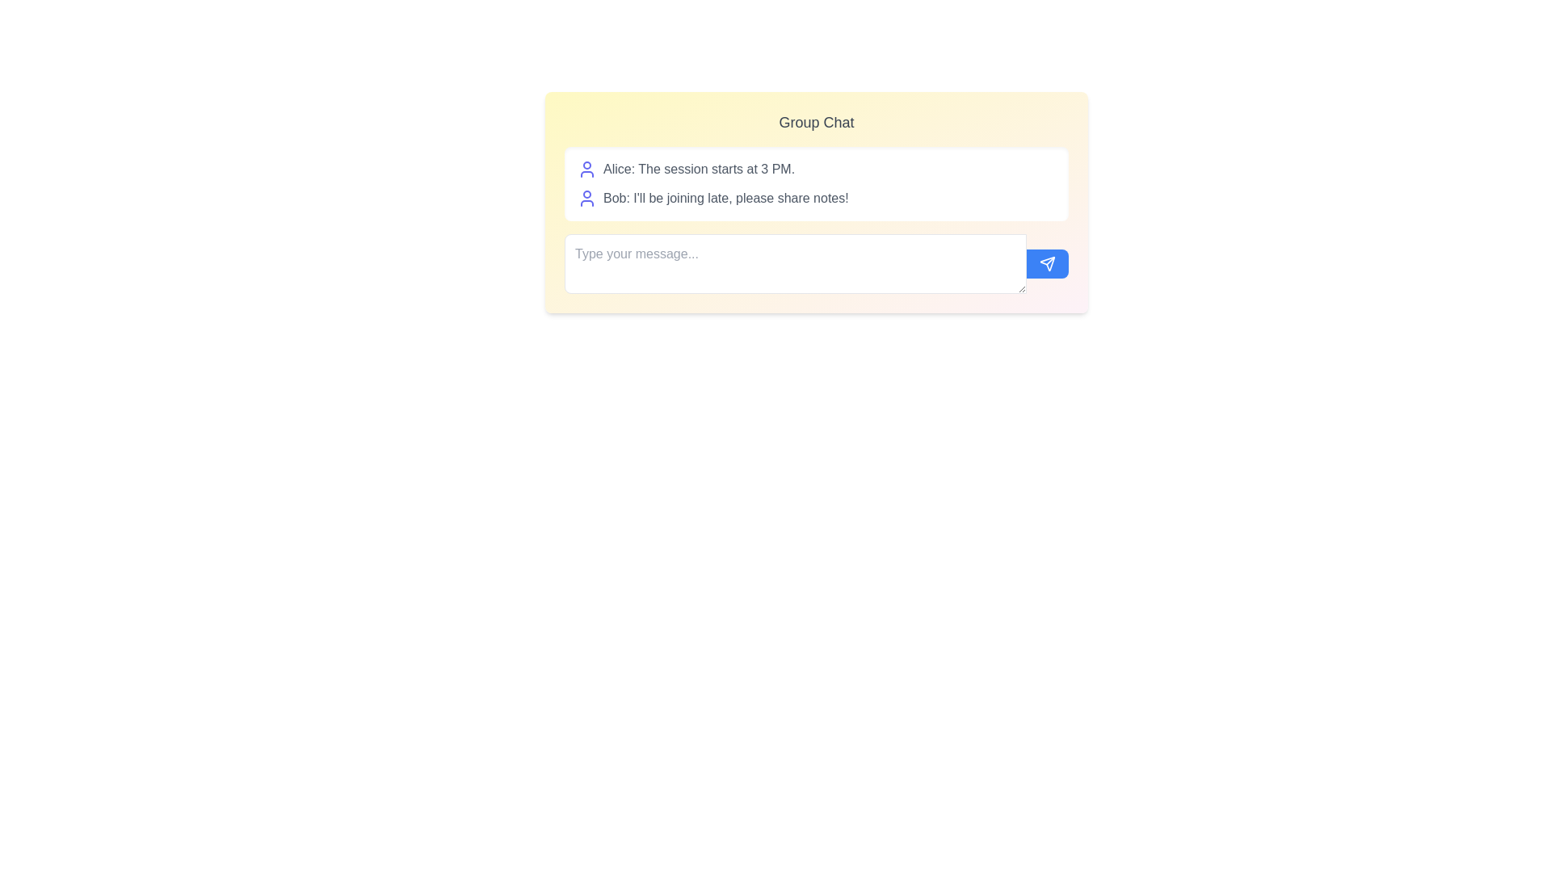  What do you see at coordinates (1047, 263) in the screenshot?
I see `the triangular 'send' icon resembling a paper airplane, which is centered within the blue rounded button on the right side of the input field to send the message` at bounding box center [1047, 263].